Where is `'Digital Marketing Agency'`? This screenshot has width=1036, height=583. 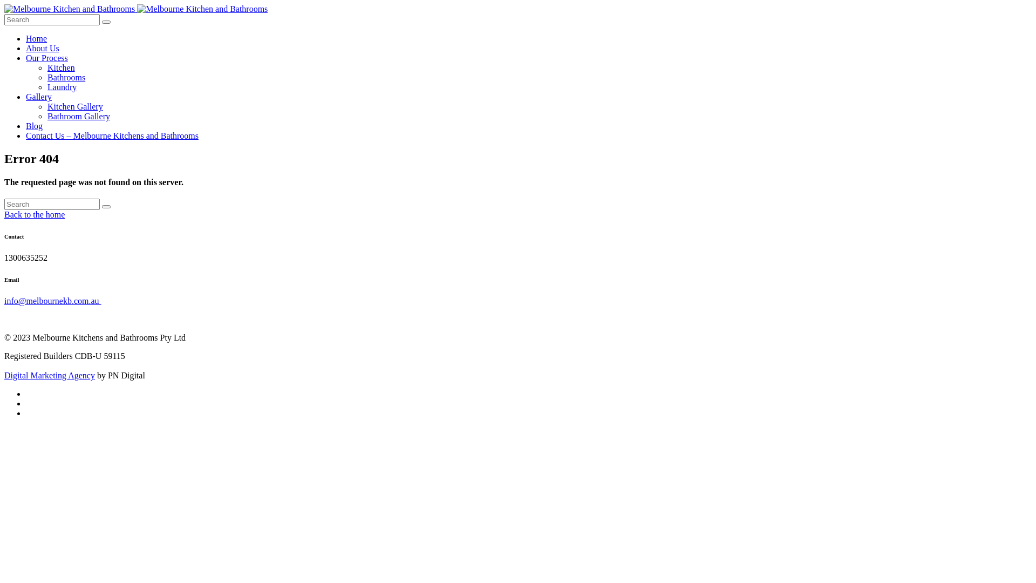
'Digital Marketing Agency' is located at coordinates (49, 375).